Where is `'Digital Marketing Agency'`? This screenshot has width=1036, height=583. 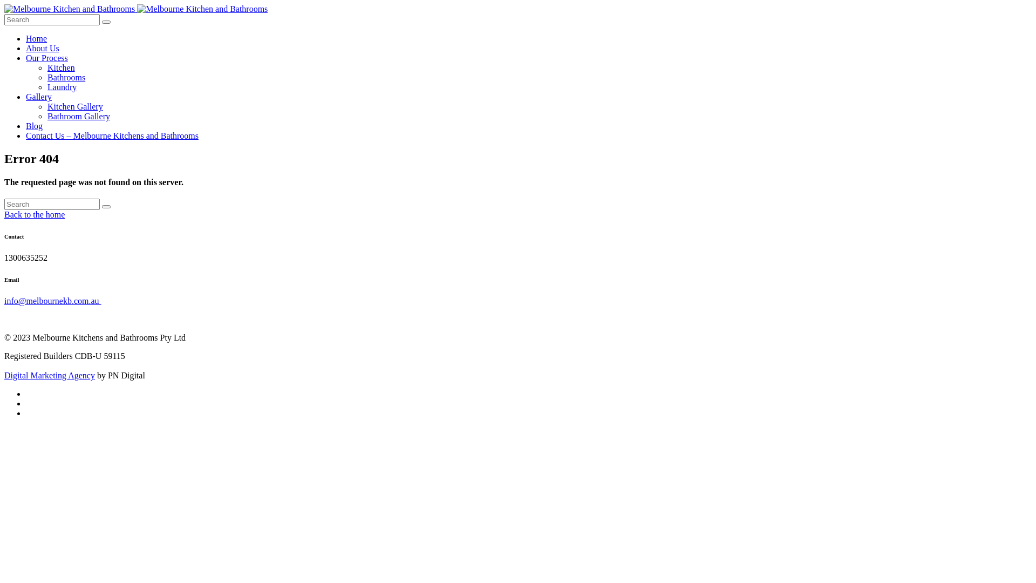
'Digital Marketing Agency' is located at coordinates (49, 375).